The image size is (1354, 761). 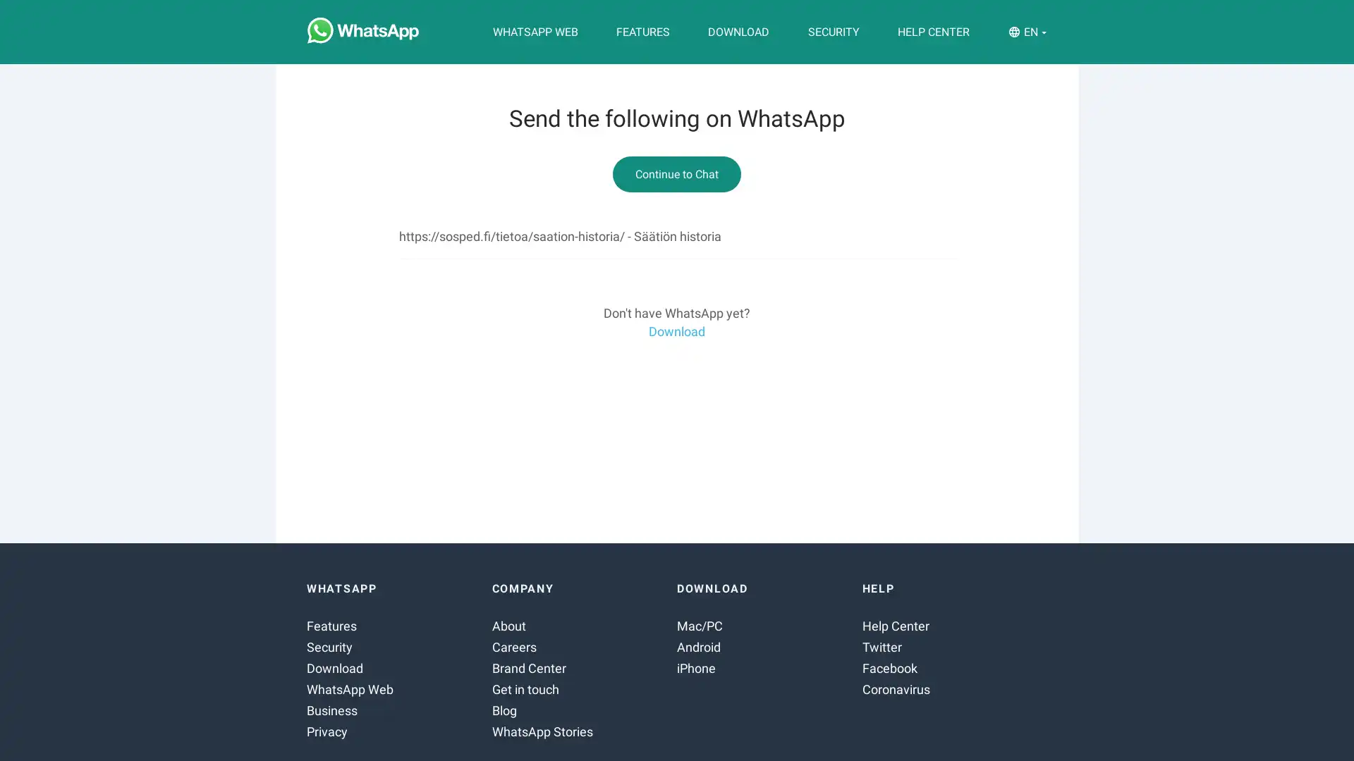 What do you see at coordinates (1027, 32) in the screenshot?
I see `EN` at bounding box center [1027, 32].